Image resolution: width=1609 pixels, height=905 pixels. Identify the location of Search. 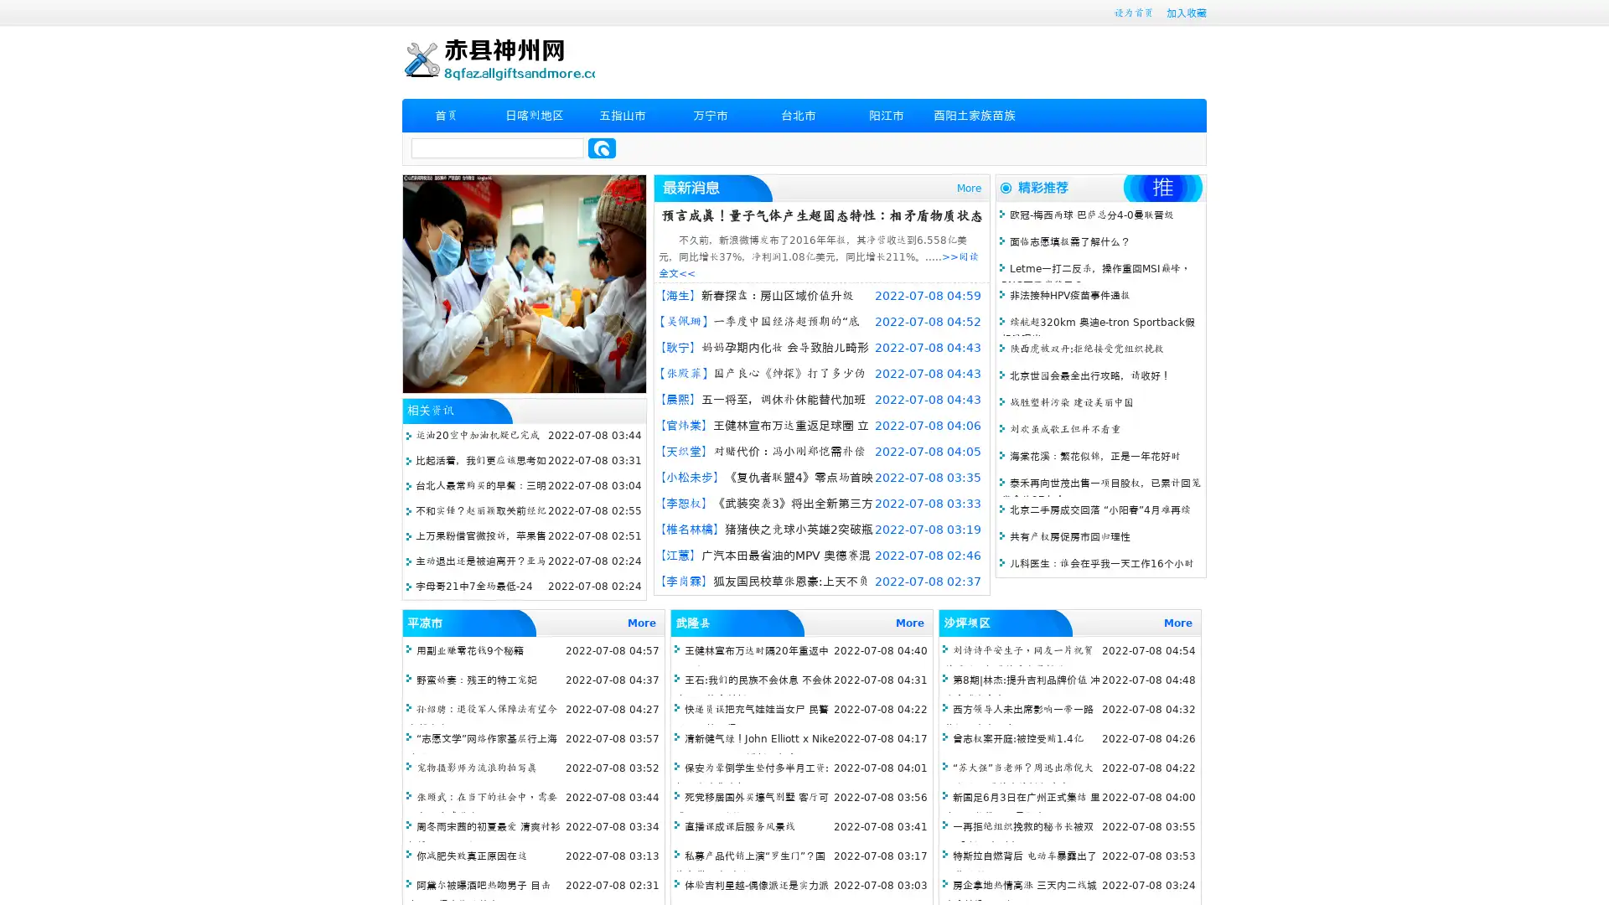
(602, 147).